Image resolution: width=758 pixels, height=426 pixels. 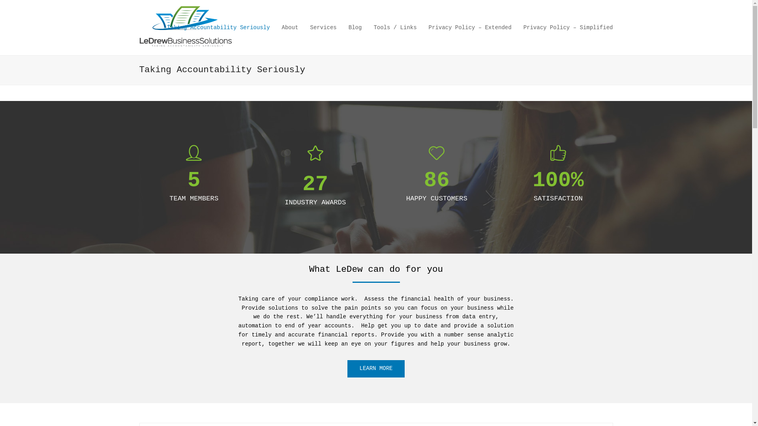 What do you see at coordinates (375, 368) in the screenshot?
I see `'LEARN MORE'` at bounding box center [375, 368].